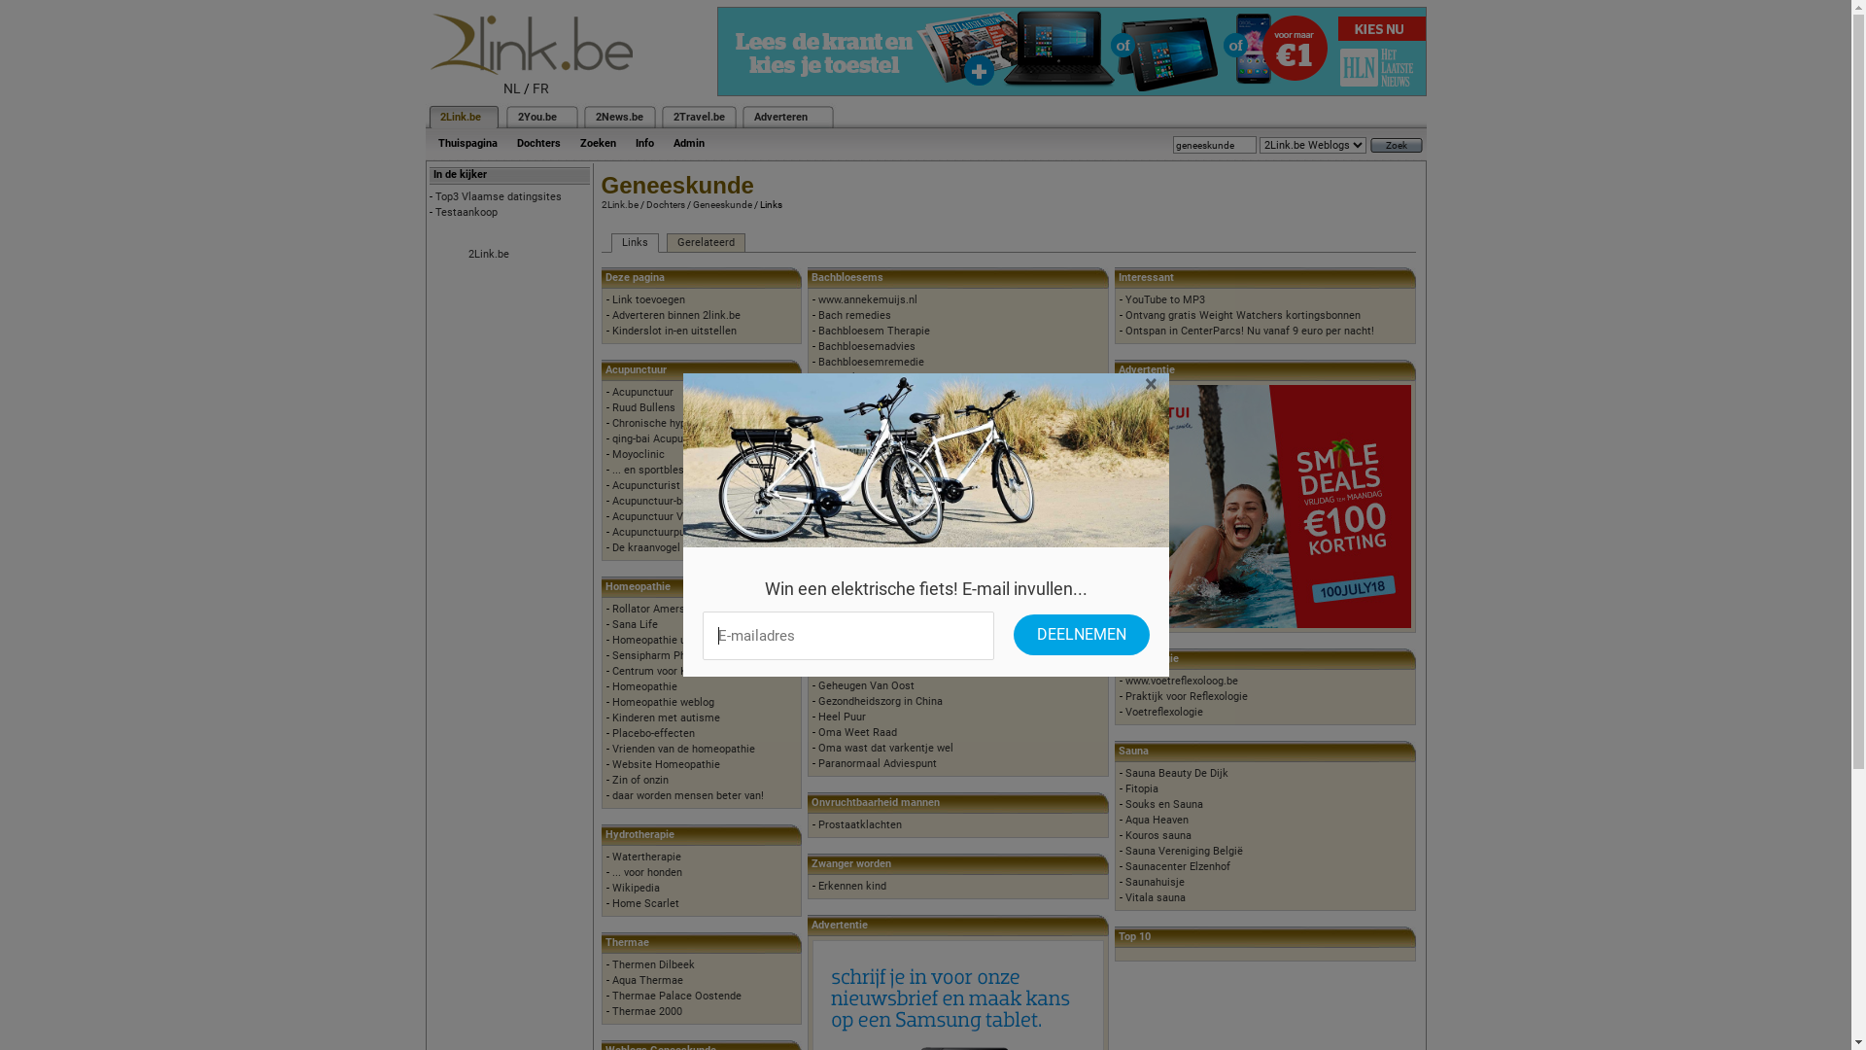 The image size is (1866, 1050). What do you see at coordinates (1185, 695) in the screenshot?
I see `'Praktijk voor Reflexologie'` at bounding box center [1185, 695].